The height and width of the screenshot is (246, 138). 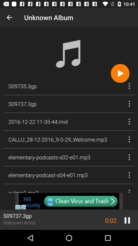 I want to click on the play icon, so click(x=120, y=73).